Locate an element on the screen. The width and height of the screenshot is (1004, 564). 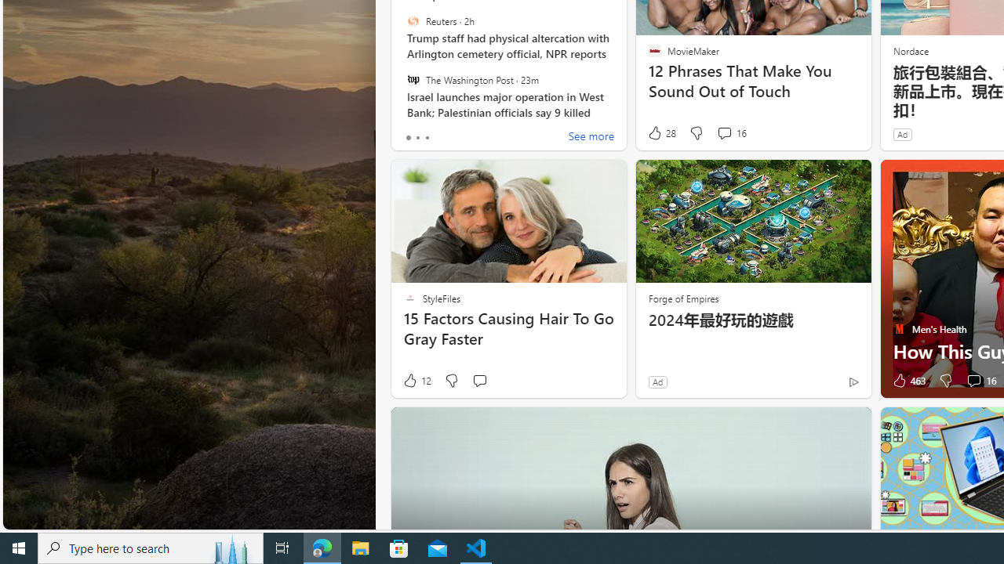
'28 Like' is located at coordinates (661, 132).